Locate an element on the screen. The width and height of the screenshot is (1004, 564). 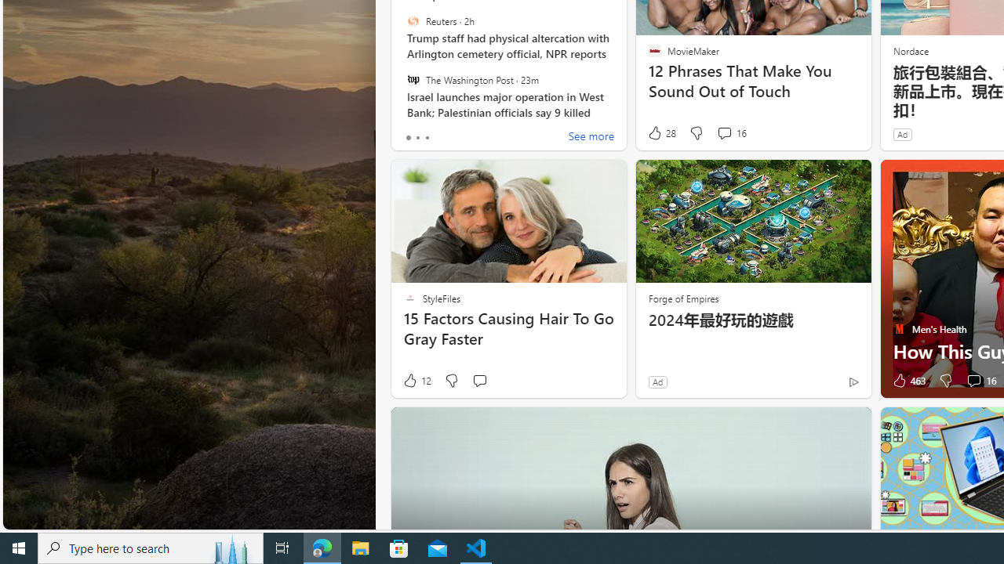
'28 Like' is located at coordinates (661, 132).